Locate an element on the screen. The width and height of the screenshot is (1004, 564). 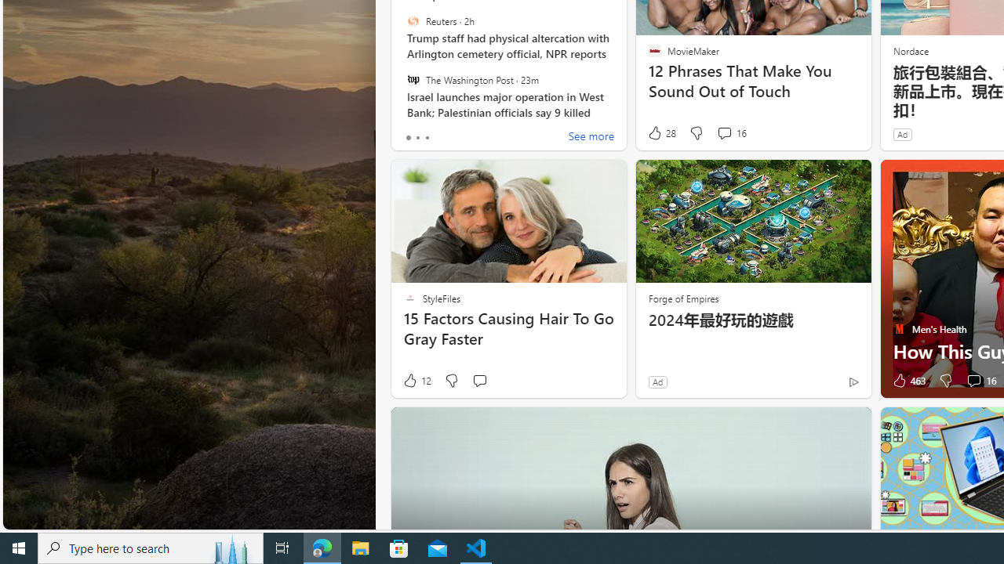
'28 Like' is located at coordinates (661, 132).